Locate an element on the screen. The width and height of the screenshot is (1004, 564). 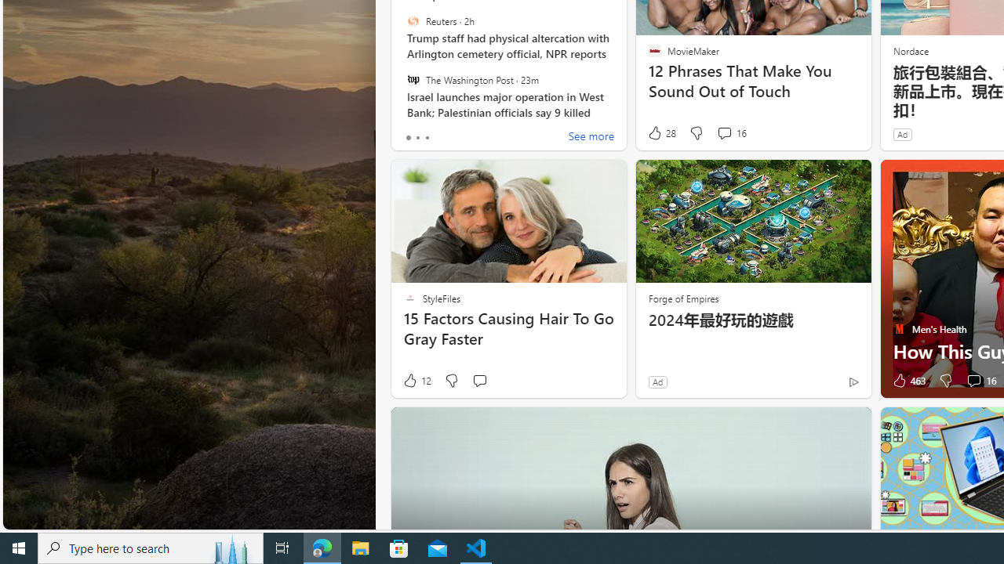
'28 Like' is located at coordinates (661, 132).